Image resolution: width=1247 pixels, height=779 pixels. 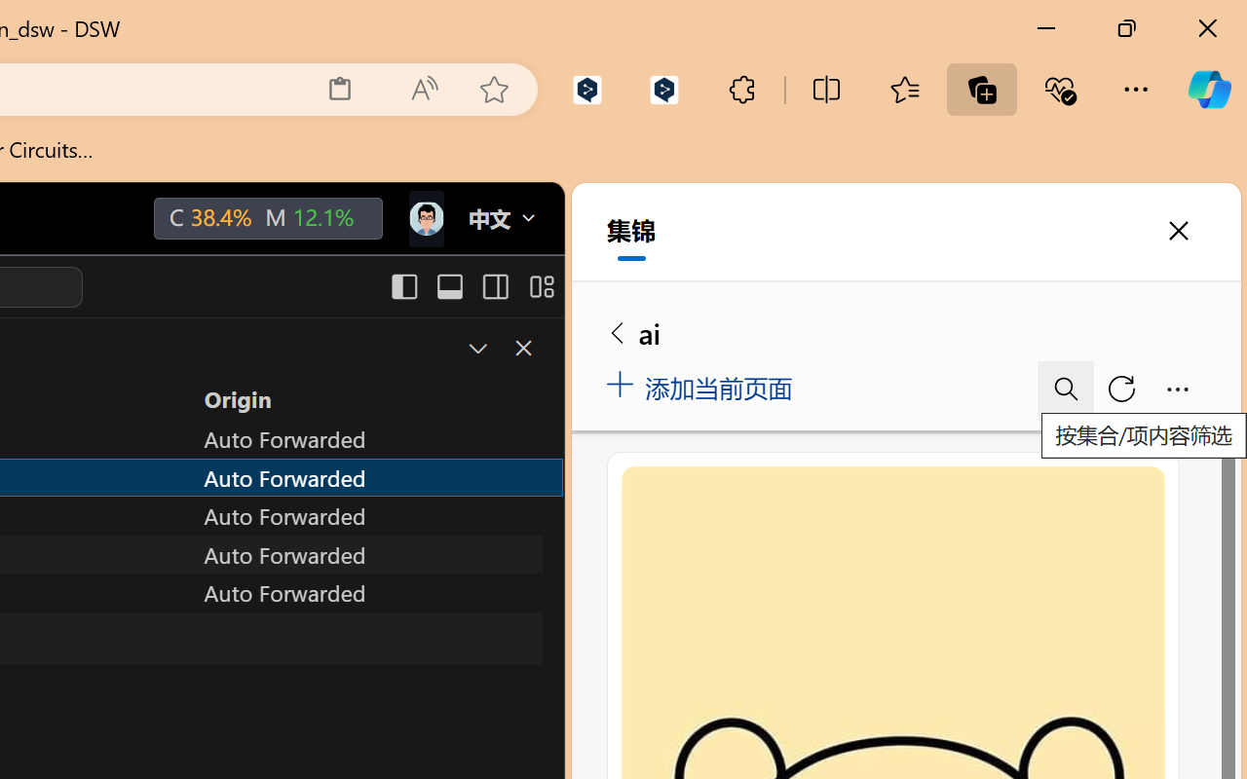 What do you see at coordinates (475, 348) in the screenshot?
I see `'Restore Panel Size'` at bounding box center [475, 348].